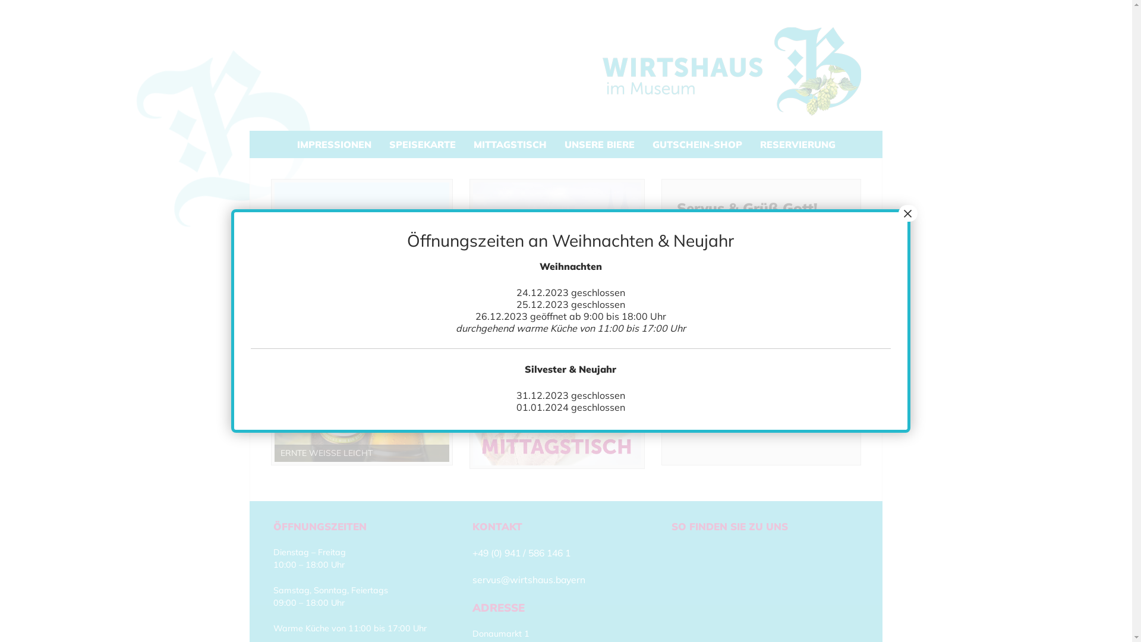  Describe the element at coordinates (422, 144) in the screenshot. I see `'SPEISEKARTE'` at that location.